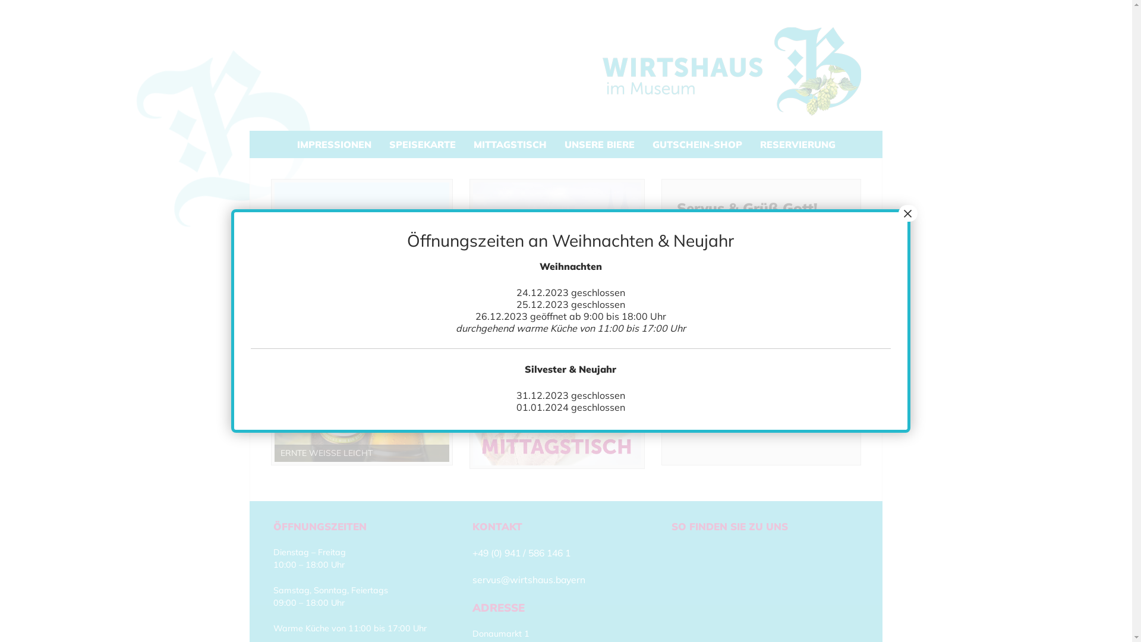  Describe the element at coordinates (422, 144) in the screenshot. I see `'SPEISEKARTE'` at that location.